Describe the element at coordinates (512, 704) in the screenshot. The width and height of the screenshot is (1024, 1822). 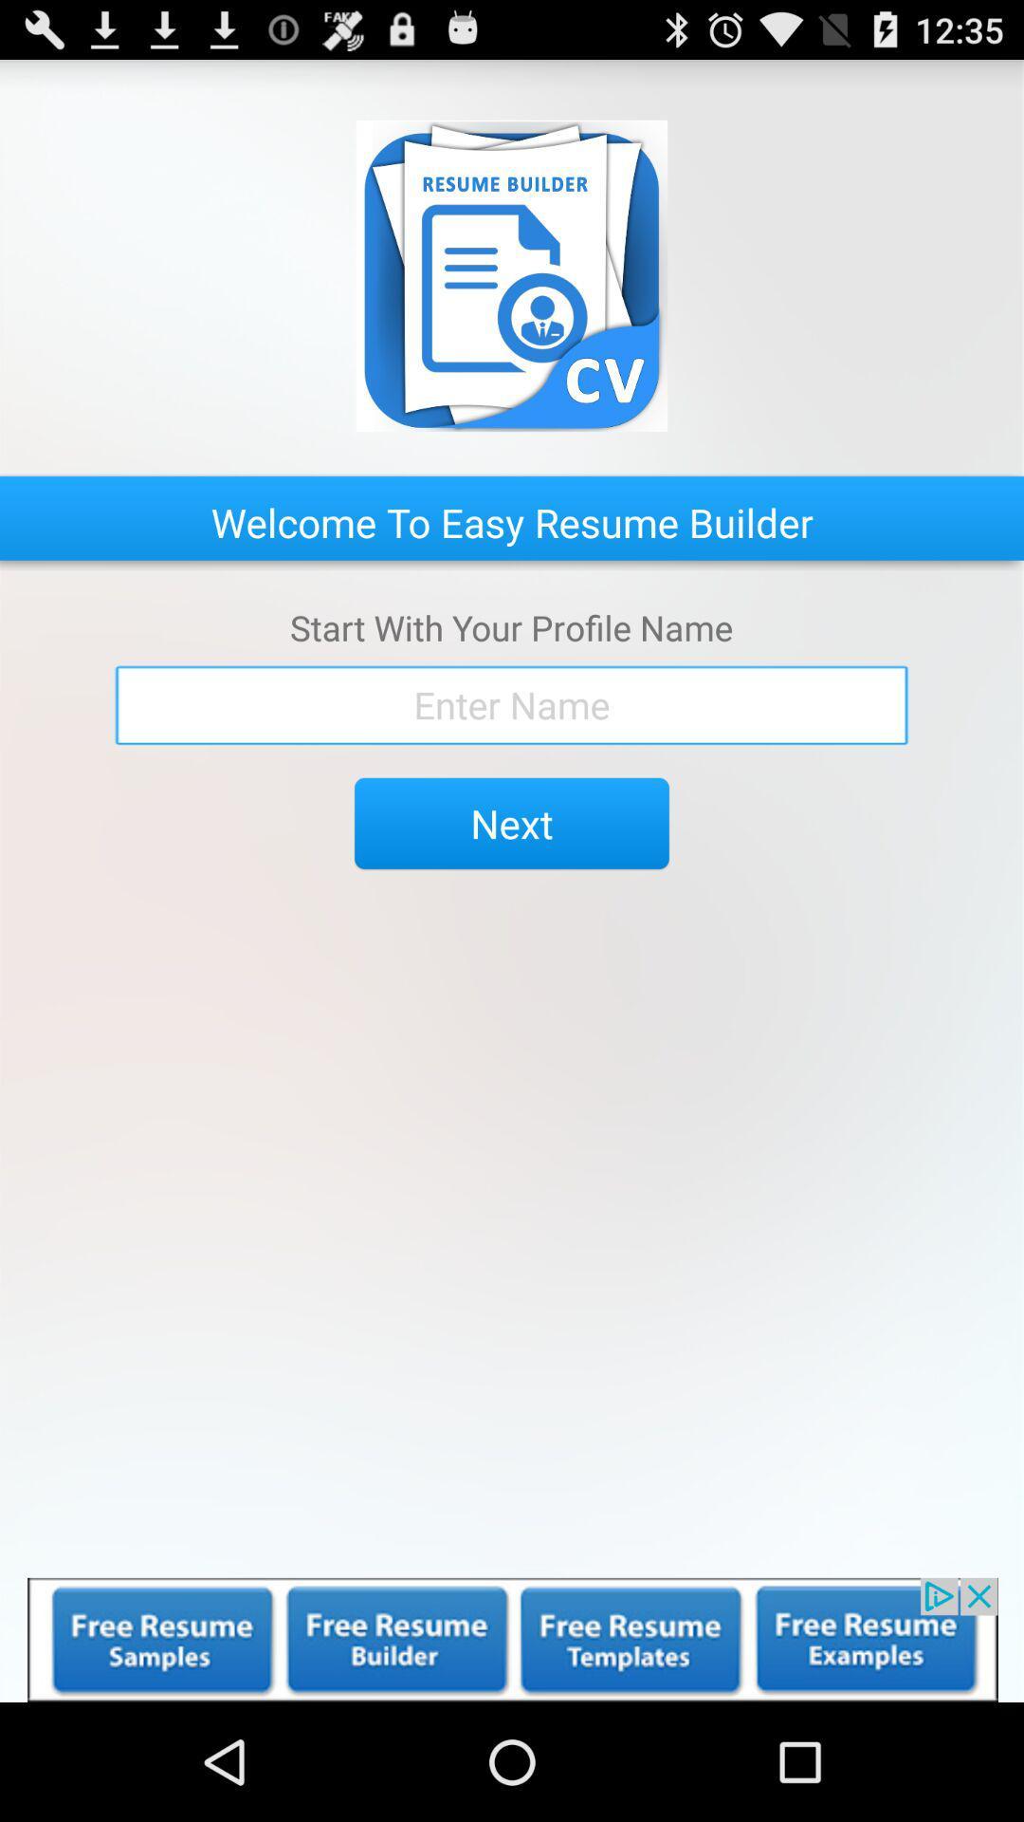
I see `write your name` at that location.